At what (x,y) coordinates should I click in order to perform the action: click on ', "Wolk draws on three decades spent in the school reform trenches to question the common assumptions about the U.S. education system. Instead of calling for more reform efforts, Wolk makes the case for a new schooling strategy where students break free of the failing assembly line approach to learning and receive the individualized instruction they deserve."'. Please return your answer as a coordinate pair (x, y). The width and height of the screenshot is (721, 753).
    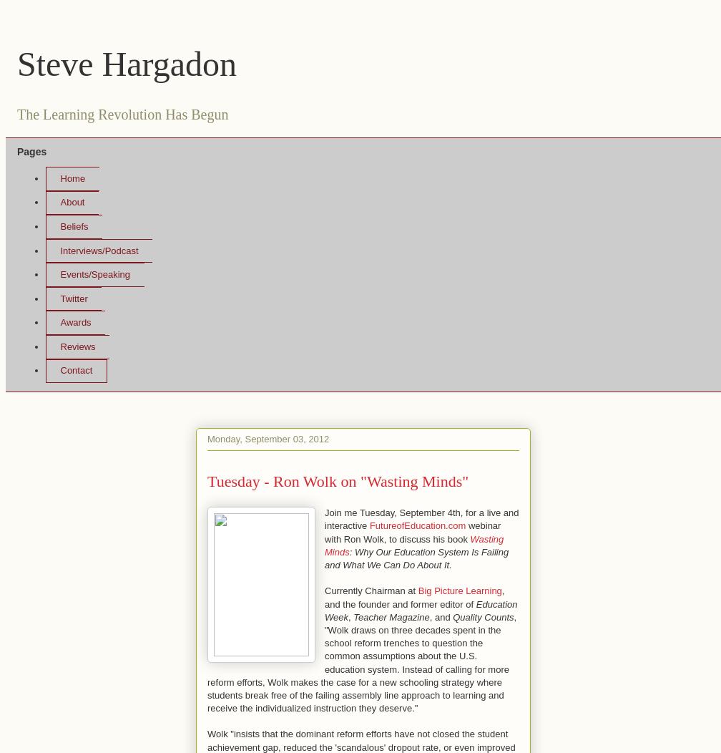
    Looking at the image, I should click on (362, 661).